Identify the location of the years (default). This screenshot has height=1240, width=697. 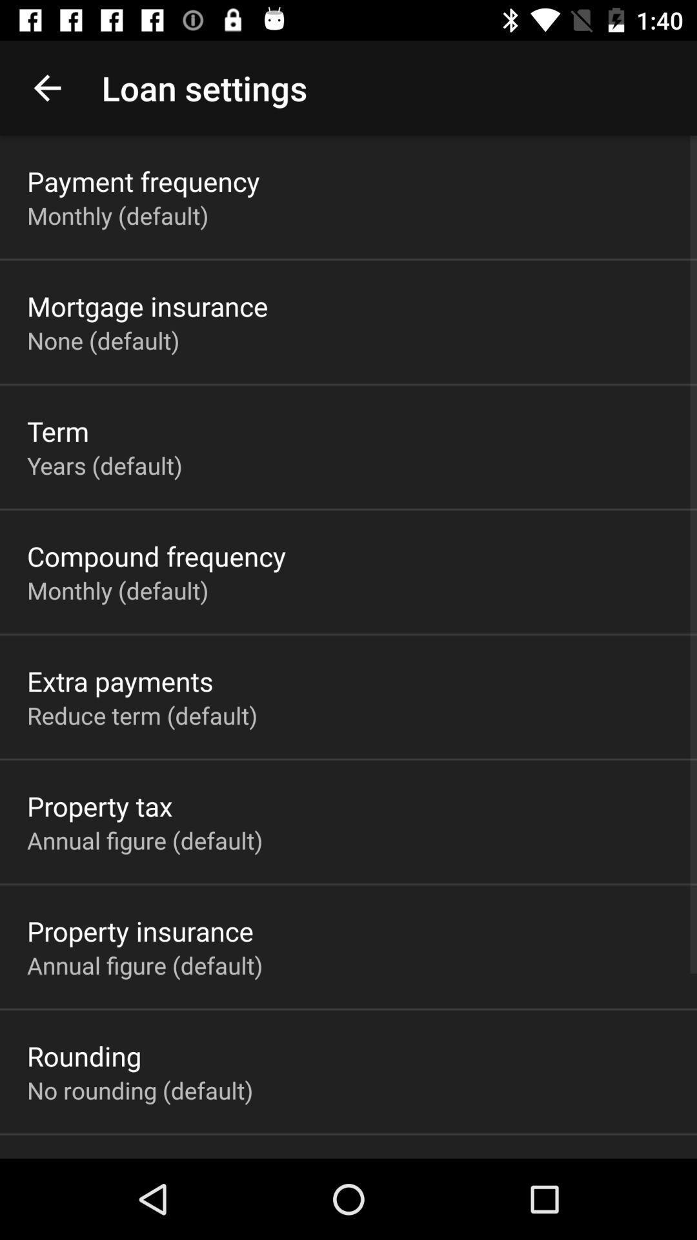
(104, 465).